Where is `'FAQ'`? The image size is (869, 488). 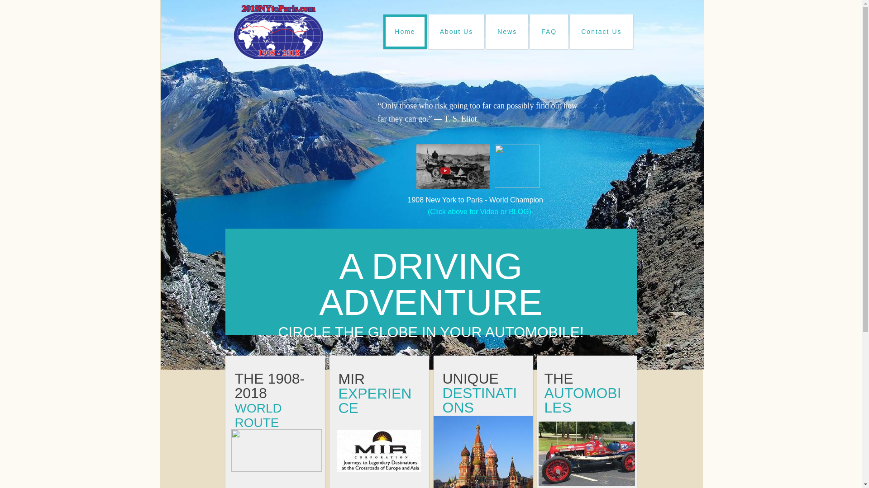
'FAQ' is located at coordinates (549, 31).